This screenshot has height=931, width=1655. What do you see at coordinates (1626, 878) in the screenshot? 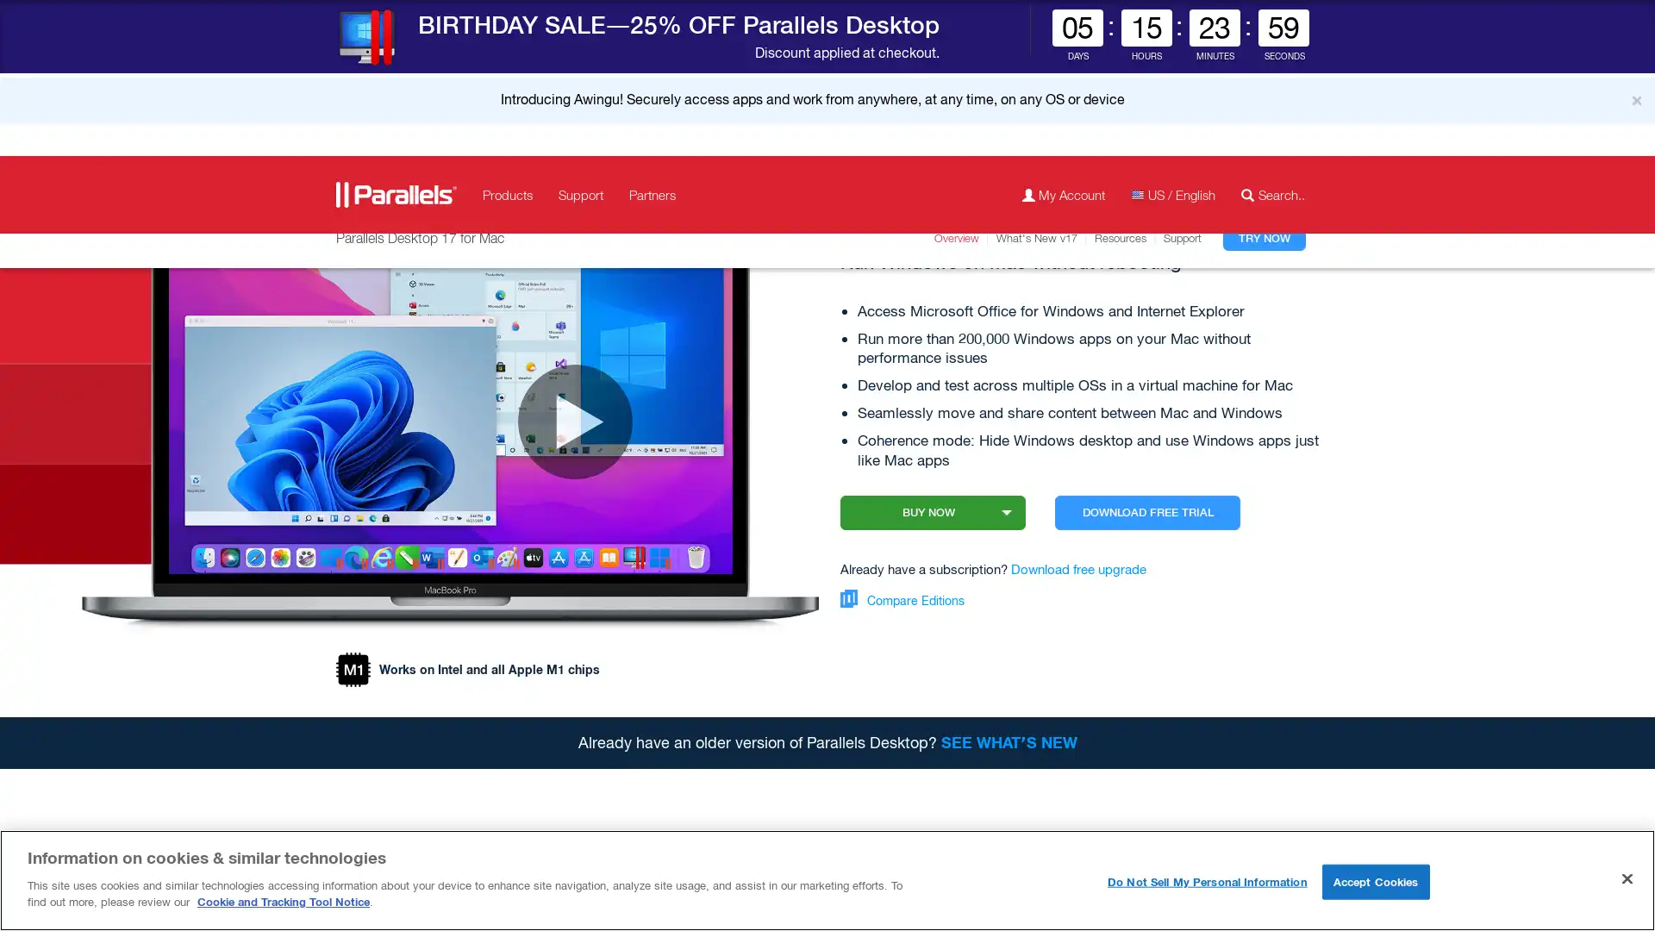
I see `Close` at bounding box center [1626, 878].